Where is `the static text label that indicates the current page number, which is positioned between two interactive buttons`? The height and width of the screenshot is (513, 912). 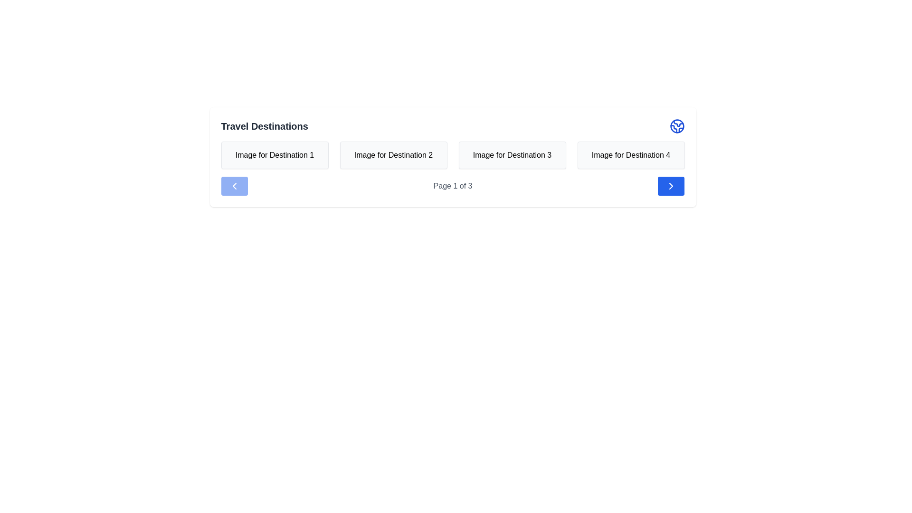
the static text label that indicates the current page number, which is positioned between two interactive buttons is located at coordinates (452, 186).